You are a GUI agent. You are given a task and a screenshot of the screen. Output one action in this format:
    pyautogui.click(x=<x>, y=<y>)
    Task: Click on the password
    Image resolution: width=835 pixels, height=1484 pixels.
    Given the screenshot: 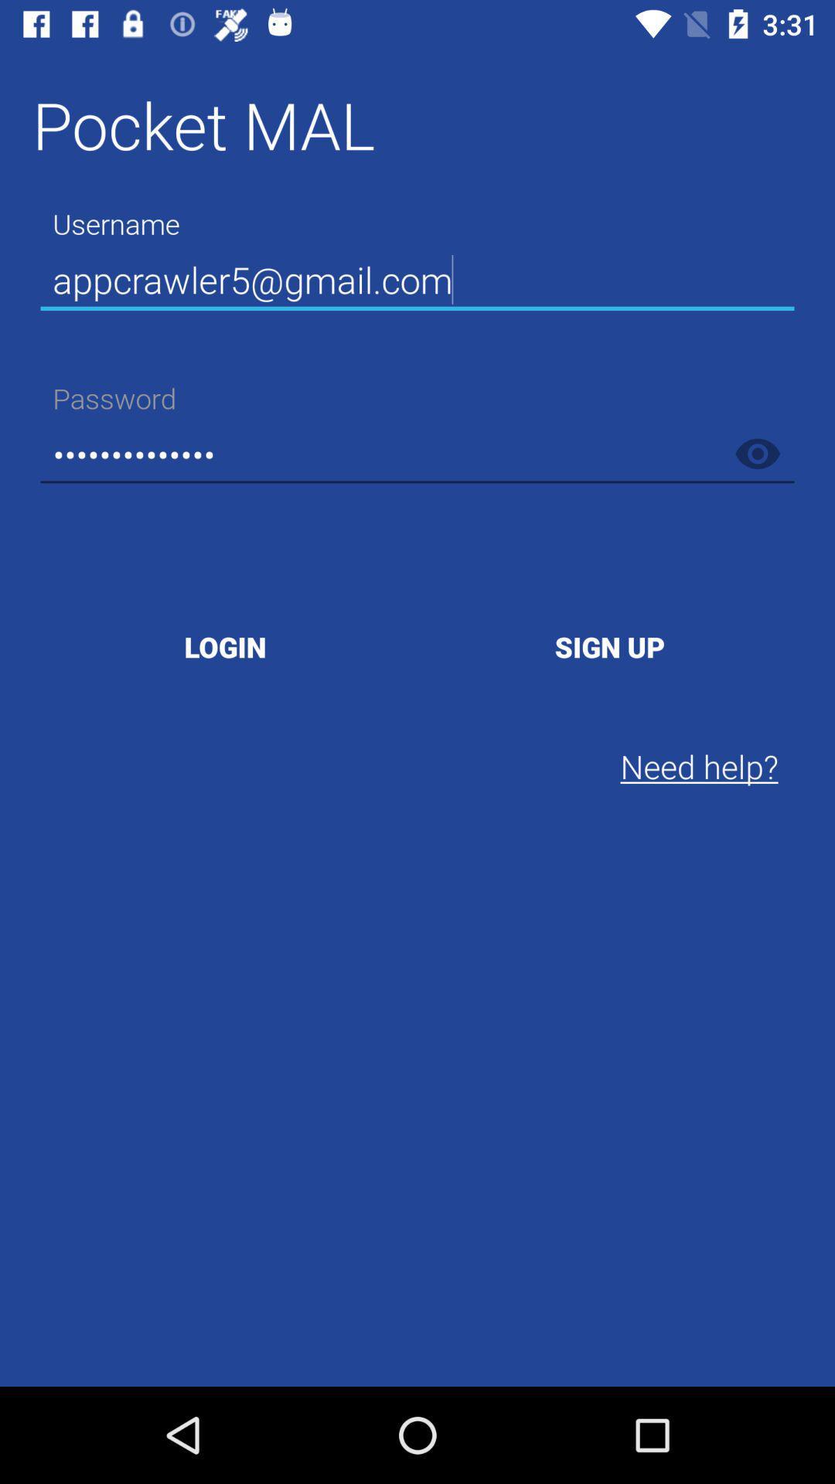 What is the action you would take?
    pyautogui.click(x=757, y=453)
    